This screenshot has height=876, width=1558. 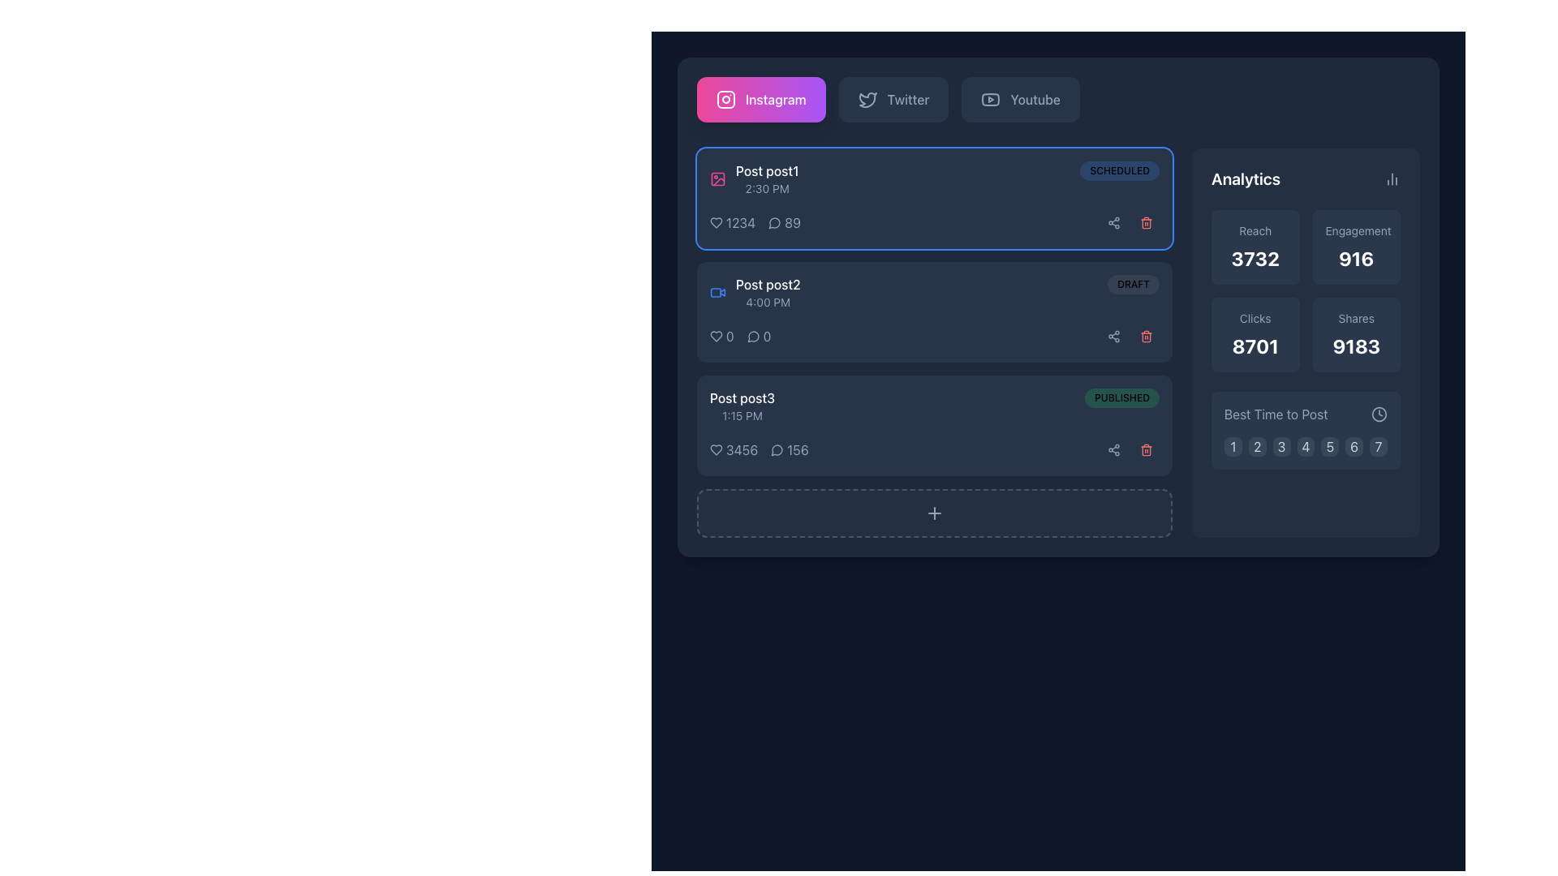 I want to click on the Text label displaying 'Post post2' within the second item of the vertical list of posts, which is styled with white font against a dark blue background, so click(x=767, y=284).